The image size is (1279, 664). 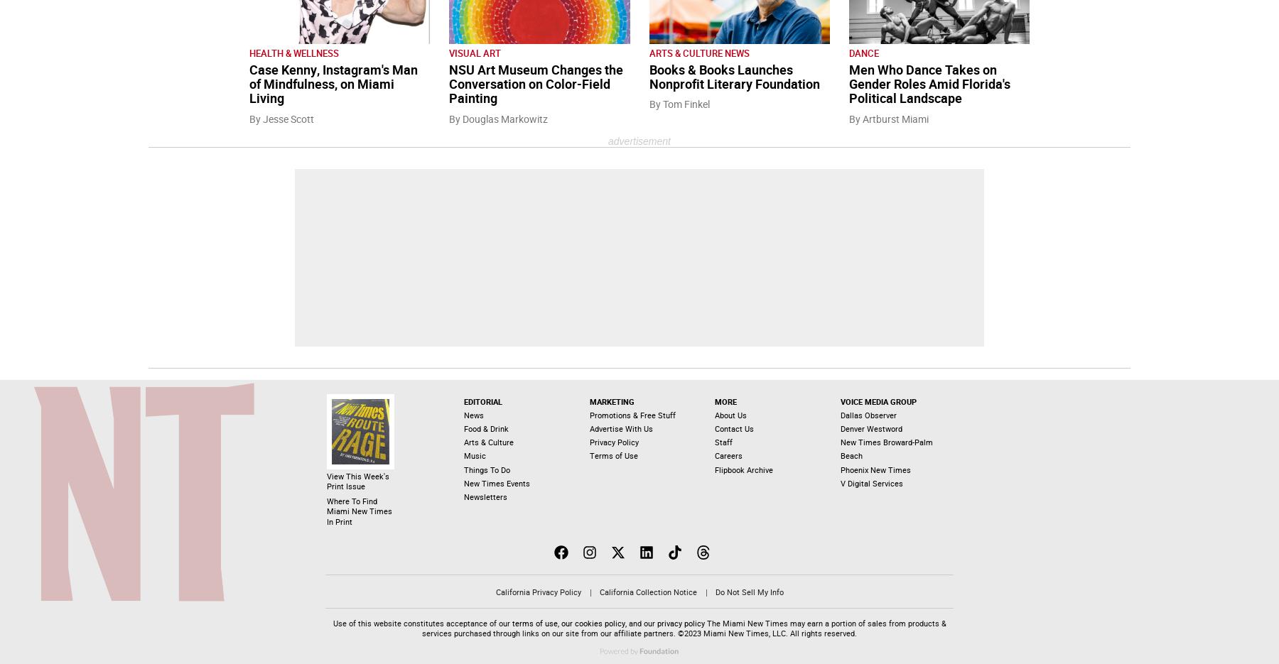 What do you see at coordinates (592, 622) in the screenshot?
I see `'our cookies policy'` at bounding box center [592, 622].